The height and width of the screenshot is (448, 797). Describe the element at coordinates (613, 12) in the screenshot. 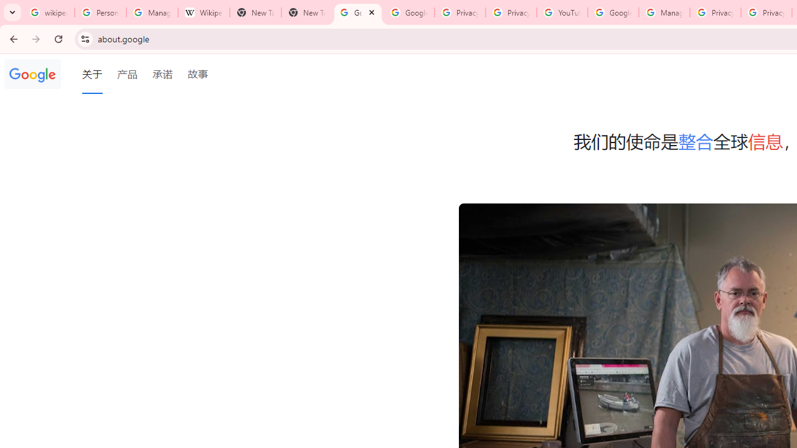

I see `'Google Account Help'` at that location.